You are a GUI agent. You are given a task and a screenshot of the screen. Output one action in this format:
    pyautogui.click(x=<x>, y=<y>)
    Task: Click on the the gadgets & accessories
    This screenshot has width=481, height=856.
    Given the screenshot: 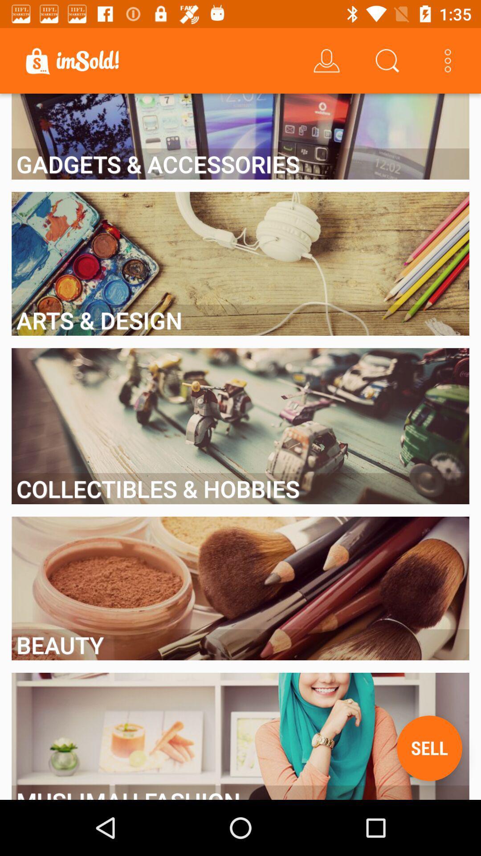 What is the action you would take?
    pyautogui.click(x=240, y=164)
    